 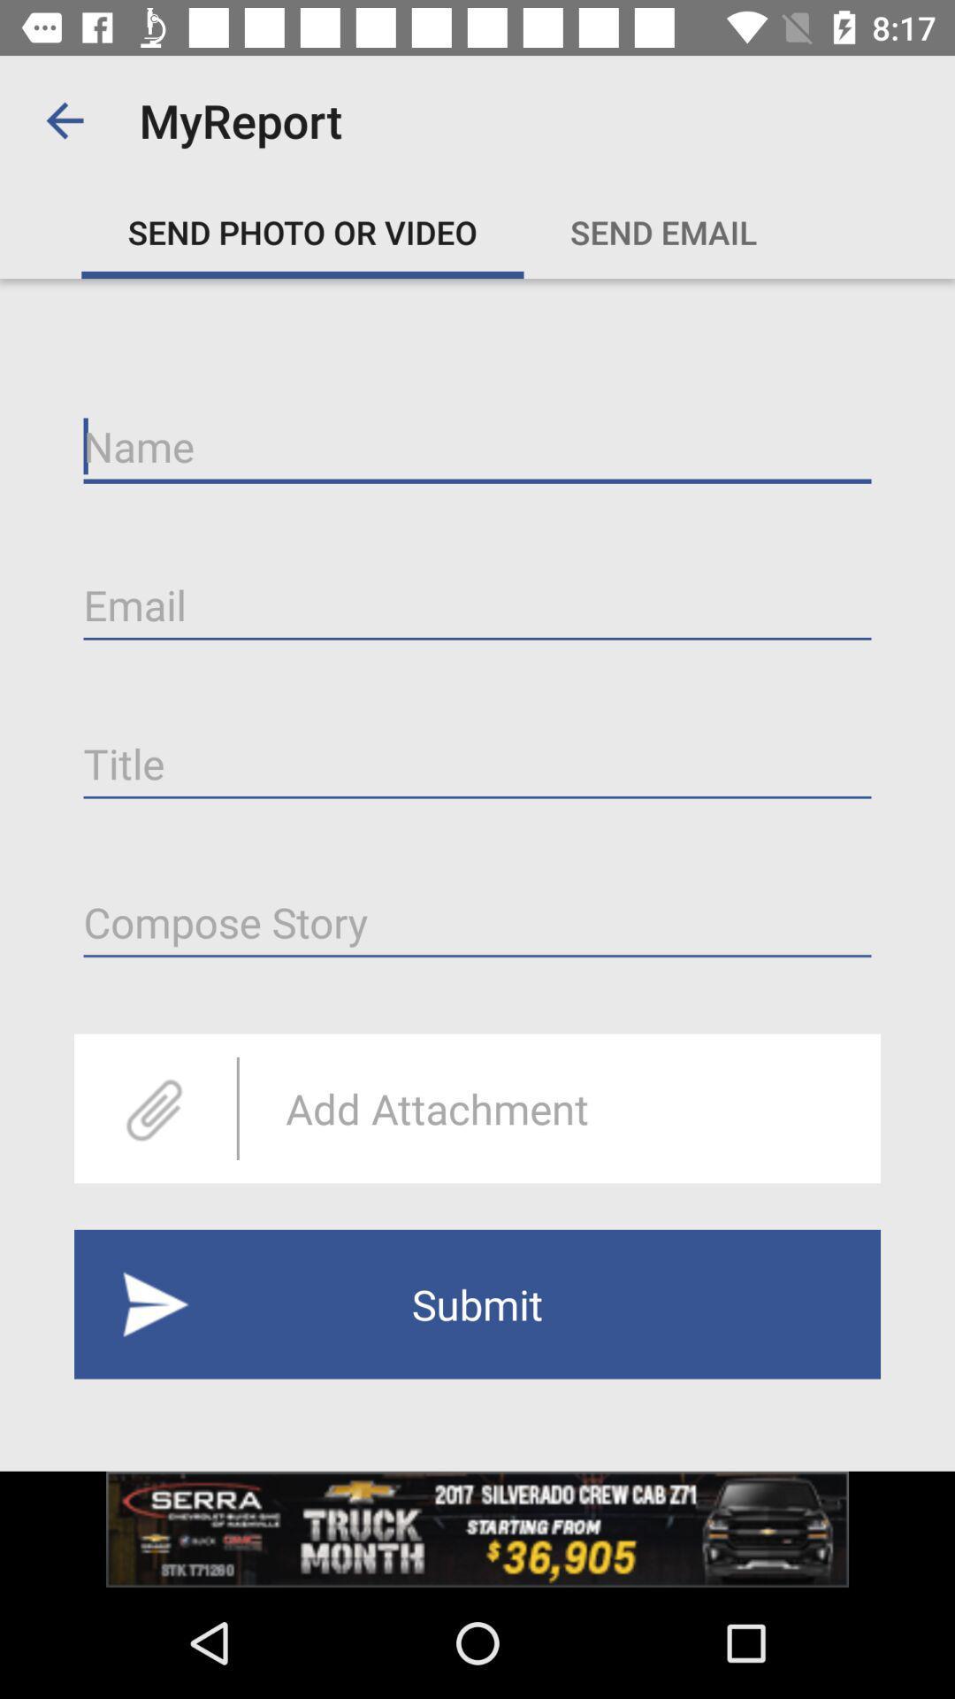 What do you see at coordinates (477, 447) in the screenshot?
I see `type name on line` at bounding box center [477, 447].